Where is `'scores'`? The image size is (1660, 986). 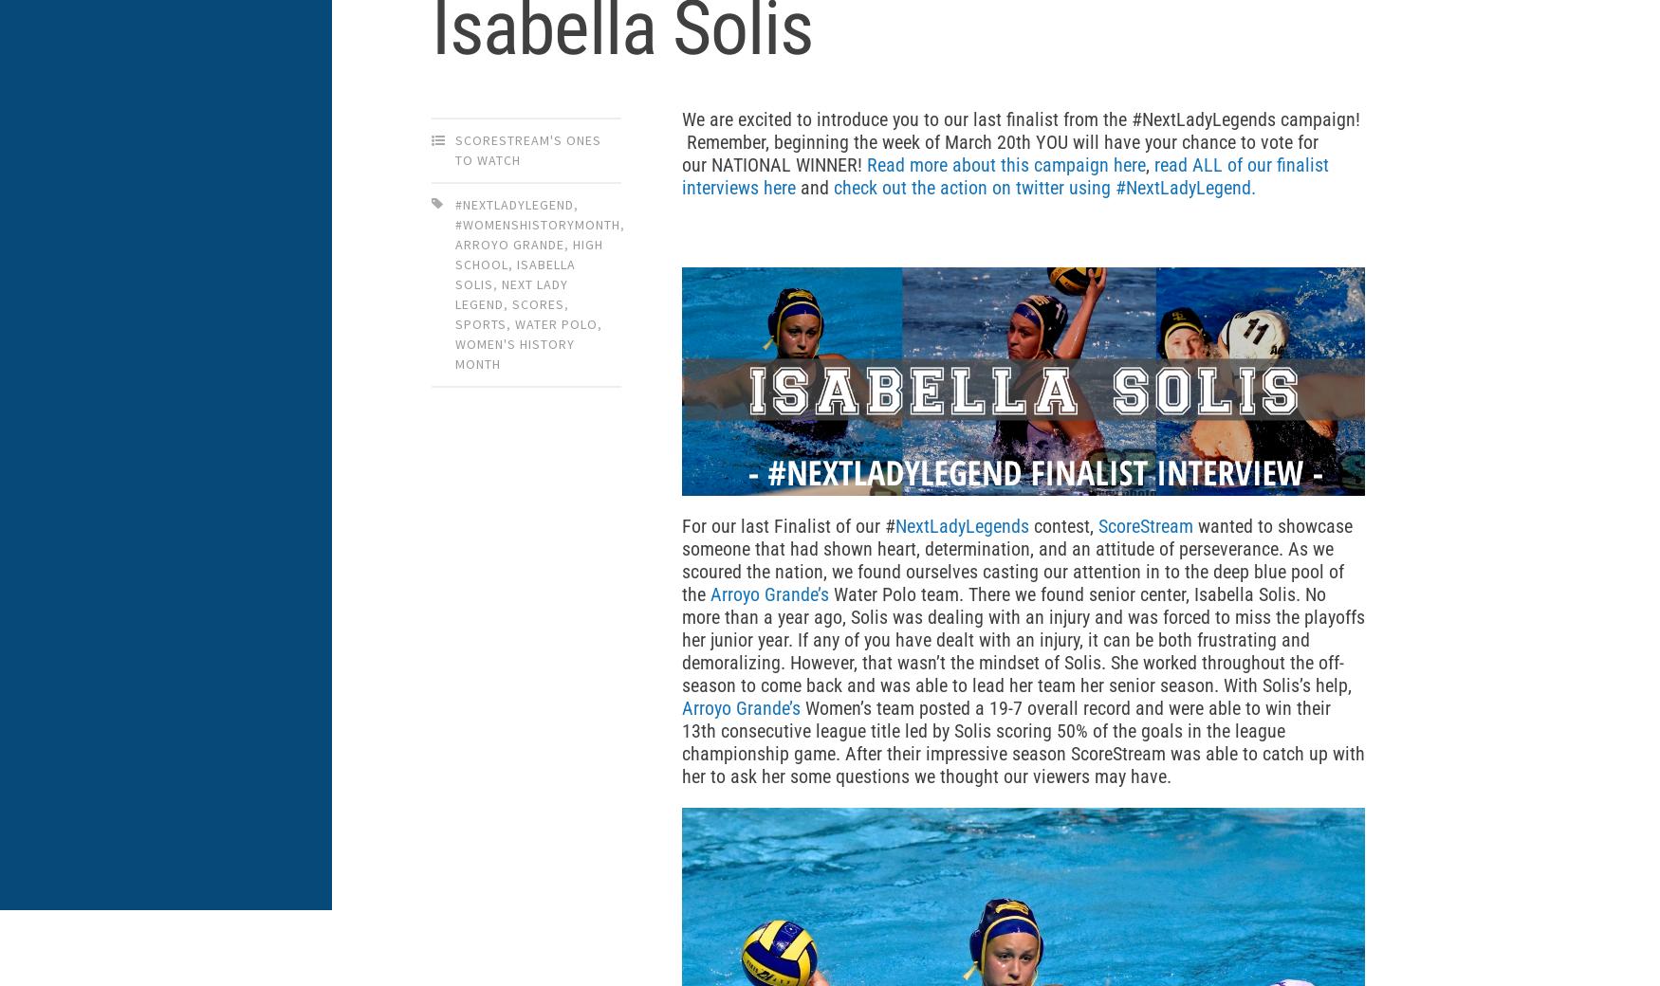
'scores' is located at coordinates (538, 303).